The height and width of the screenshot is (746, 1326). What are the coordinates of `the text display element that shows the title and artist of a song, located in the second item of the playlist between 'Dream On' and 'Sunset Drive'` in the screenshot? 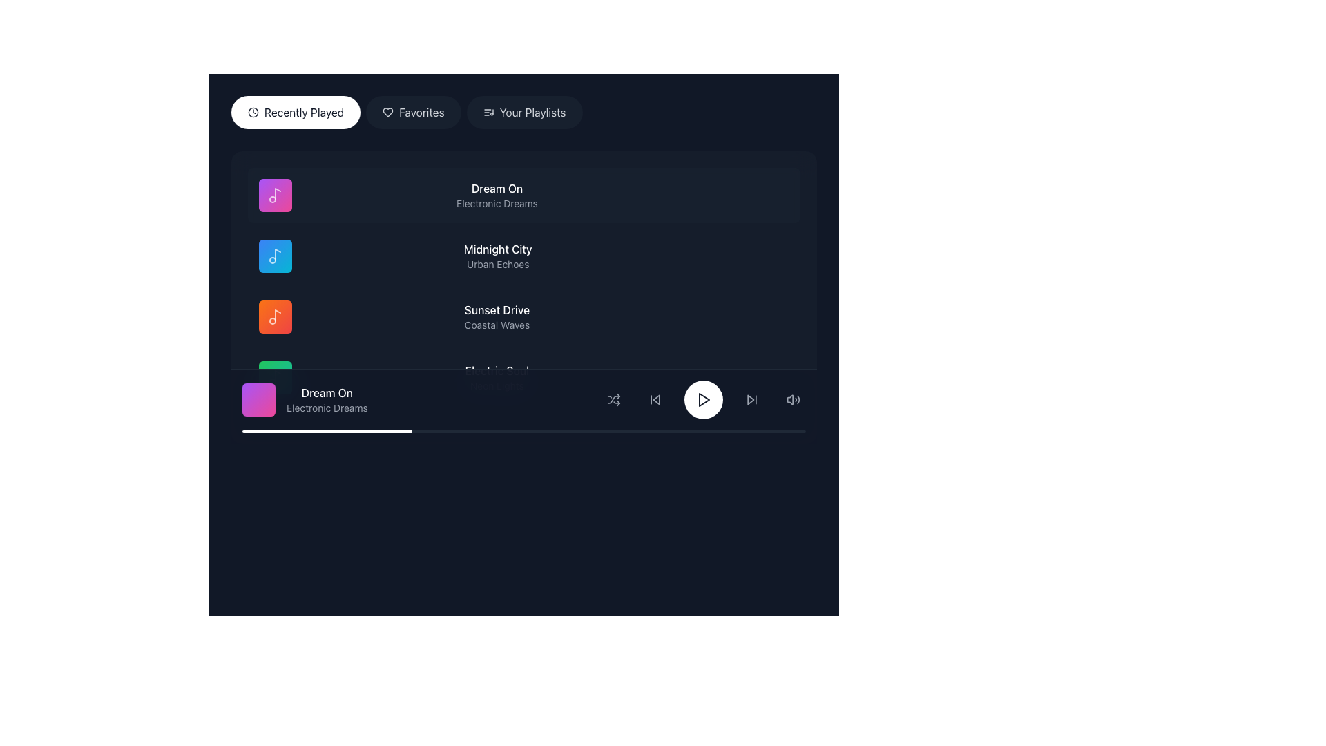 It's located at (497, 256).